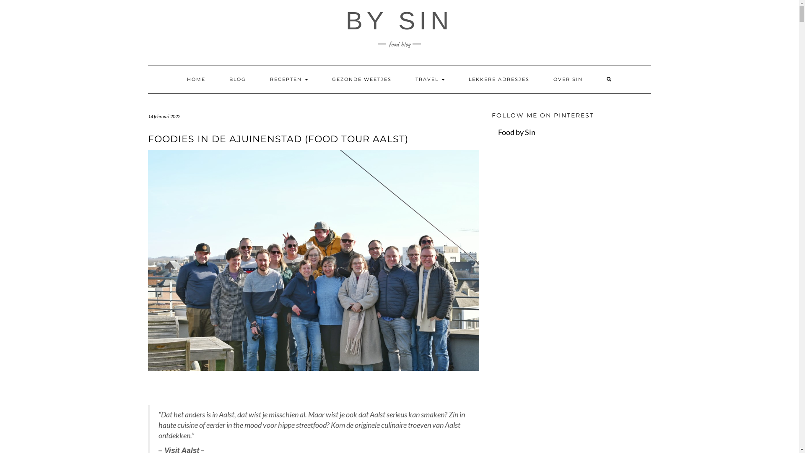 The image size is (805, 453). I want to click on 'OVER SIN', so click(567, 79).